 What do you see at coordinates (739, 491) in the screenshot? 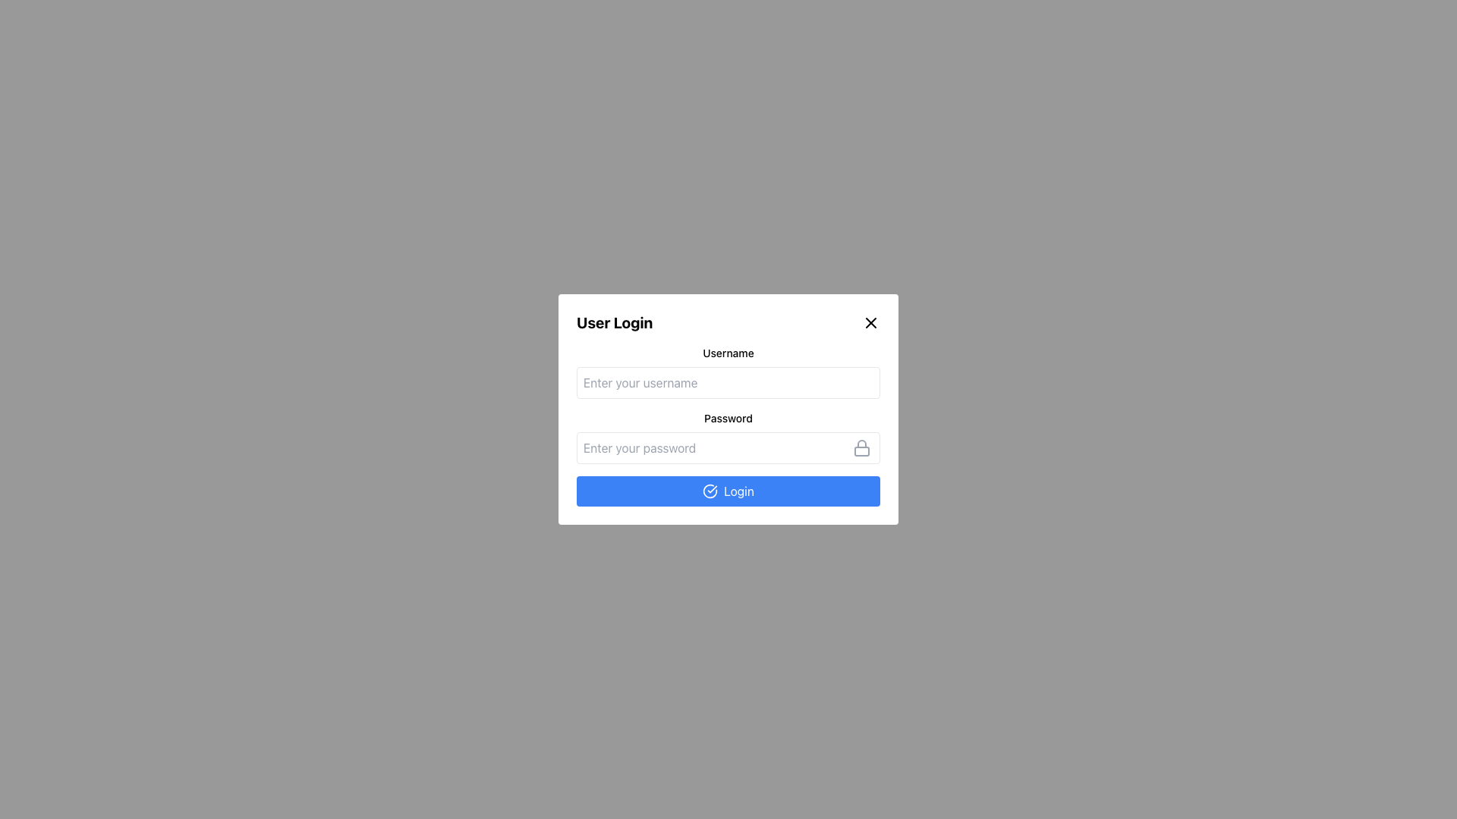
I see `the blue rectangular 'Login' button at the bottom center of the login form` at bounding box center [739, 491].